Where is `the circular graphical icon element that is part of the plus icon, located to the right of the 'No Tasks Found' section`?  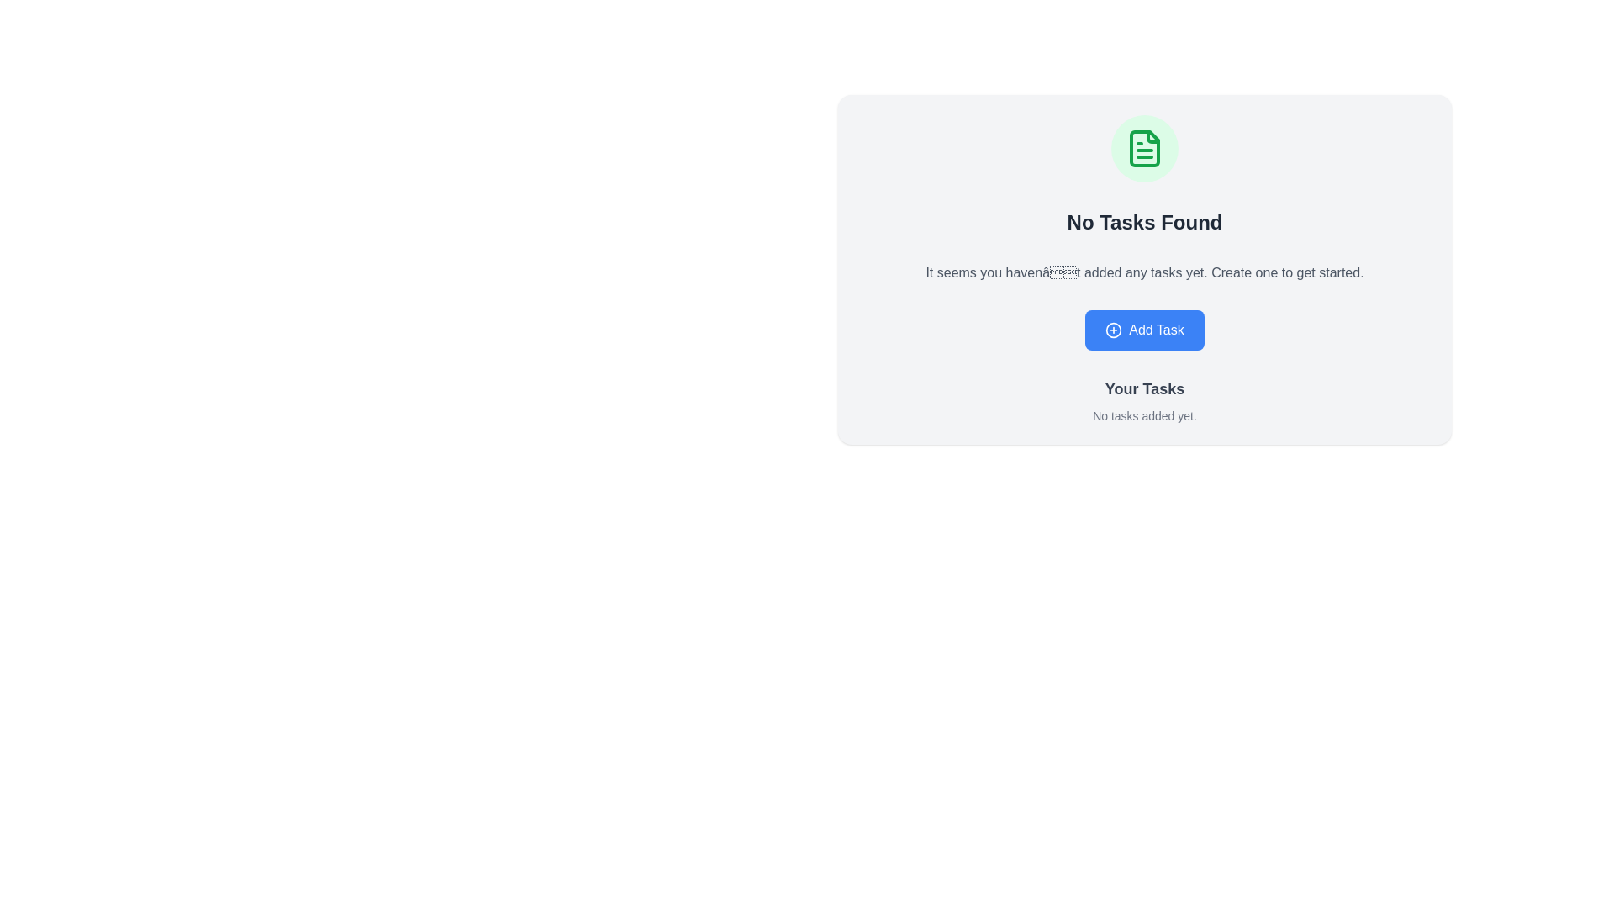 the circular graphical icon element that is part of the plus icon, located to the right of the 'No Tasks Found' section is located at coordinates (1114, 330).